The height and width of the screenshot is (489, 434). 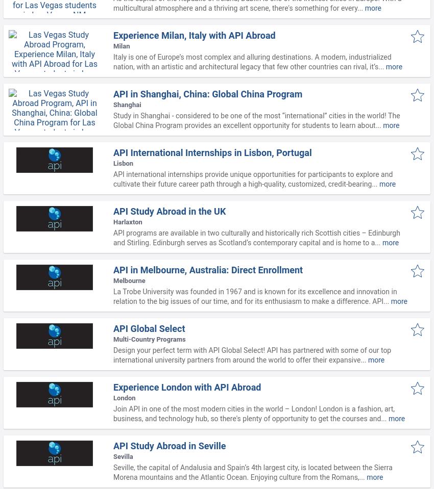 What do you see at coordinates (207, 93) in the screenshot?
I see `'API in Shanghai, China: Global China Program'` at bounding box center [207, 93].